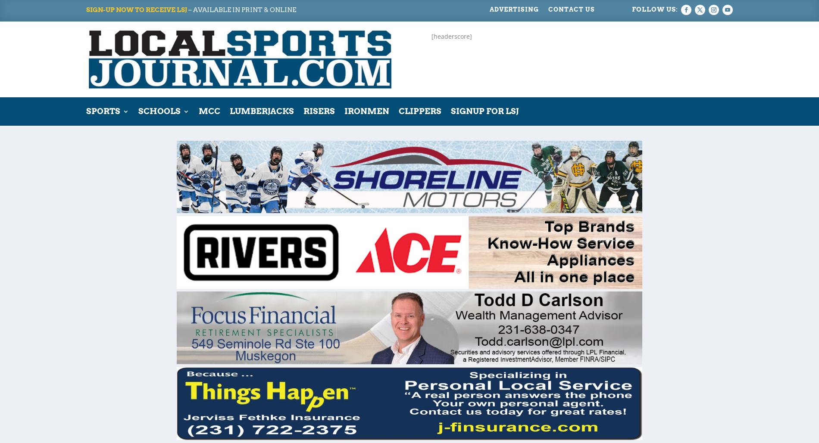 The height and width of the screenshot is (443, 819). I want to click on 'Pentwater', so click(280, 186).